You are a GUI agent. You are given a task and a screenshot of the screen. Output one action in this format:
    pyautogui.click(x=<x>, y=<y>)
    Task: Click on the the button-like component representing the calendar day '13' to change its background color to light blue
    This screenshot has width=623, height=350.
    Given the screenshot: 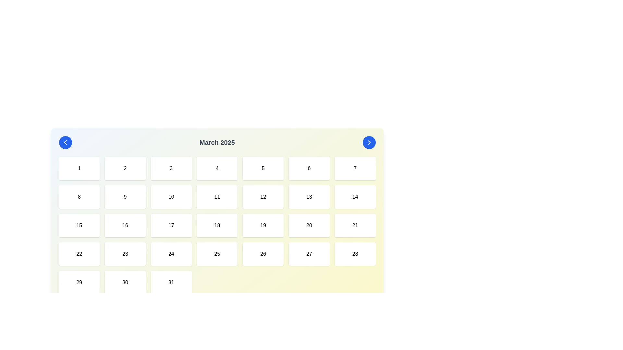 What is the action you would take?
    pyautogui.click(x=309, y=197)
    